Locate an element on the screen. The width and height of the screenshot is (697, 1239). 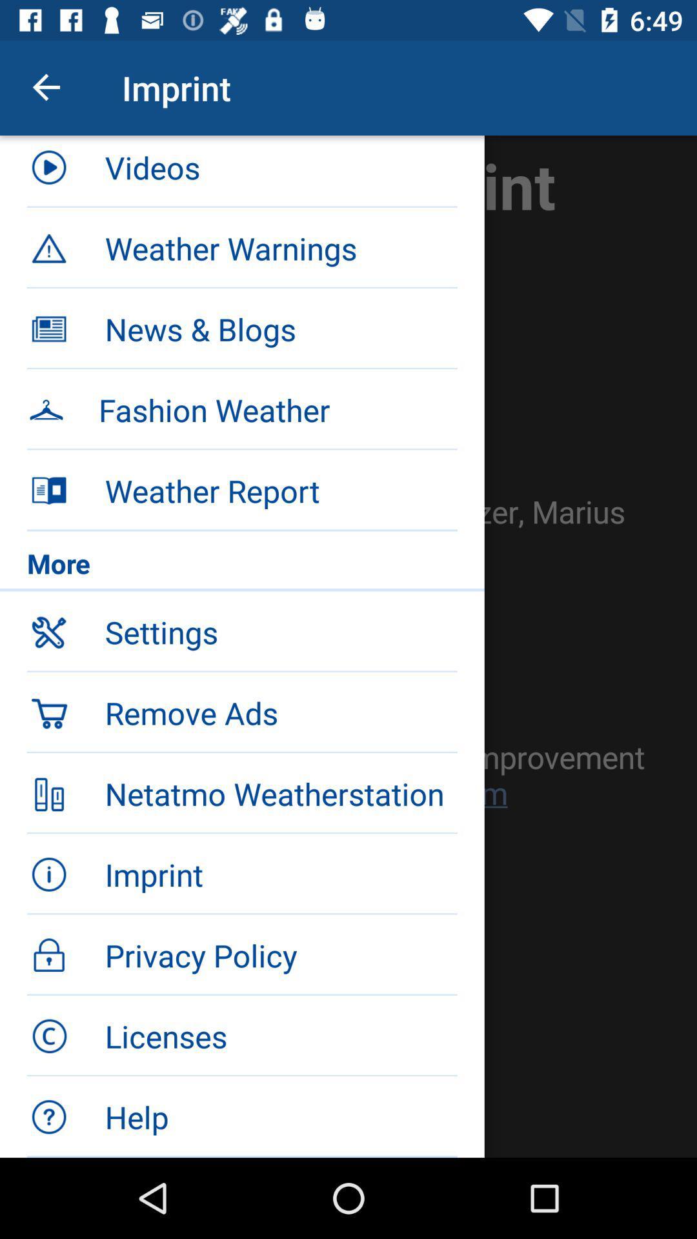
remove ads item is located at coordinates (280, 712).